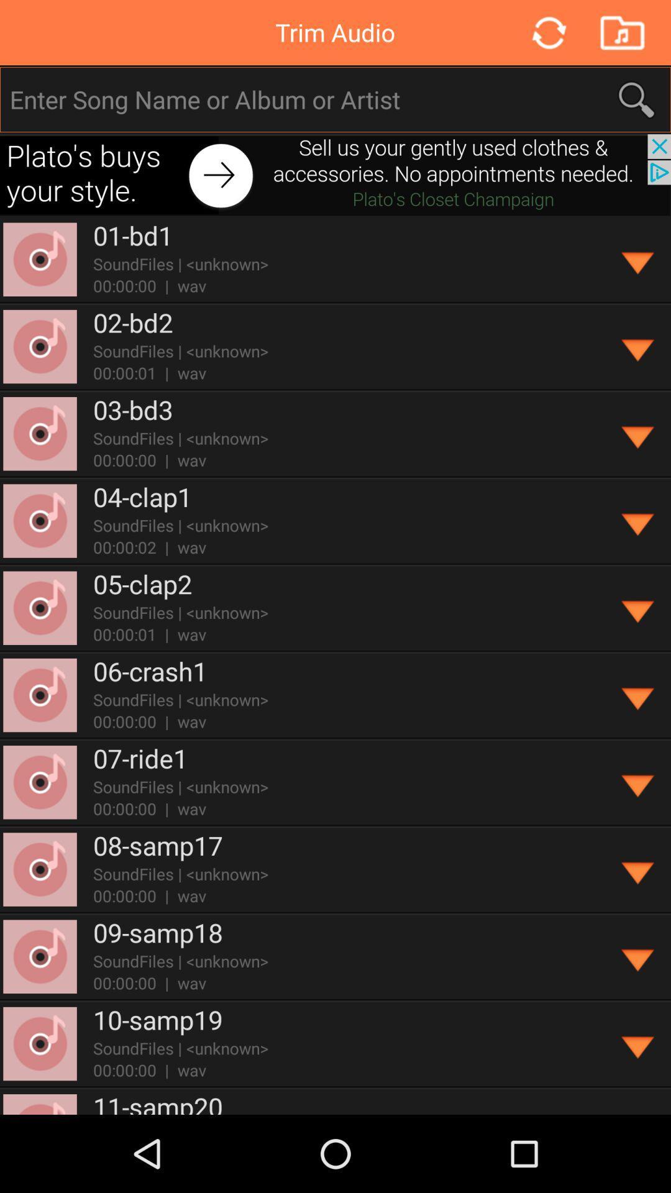 The image size is (671, 1193). What do you see at coordinates (622, 32) in the screenshot?
I see `audio` at bounding box center [622, 32].